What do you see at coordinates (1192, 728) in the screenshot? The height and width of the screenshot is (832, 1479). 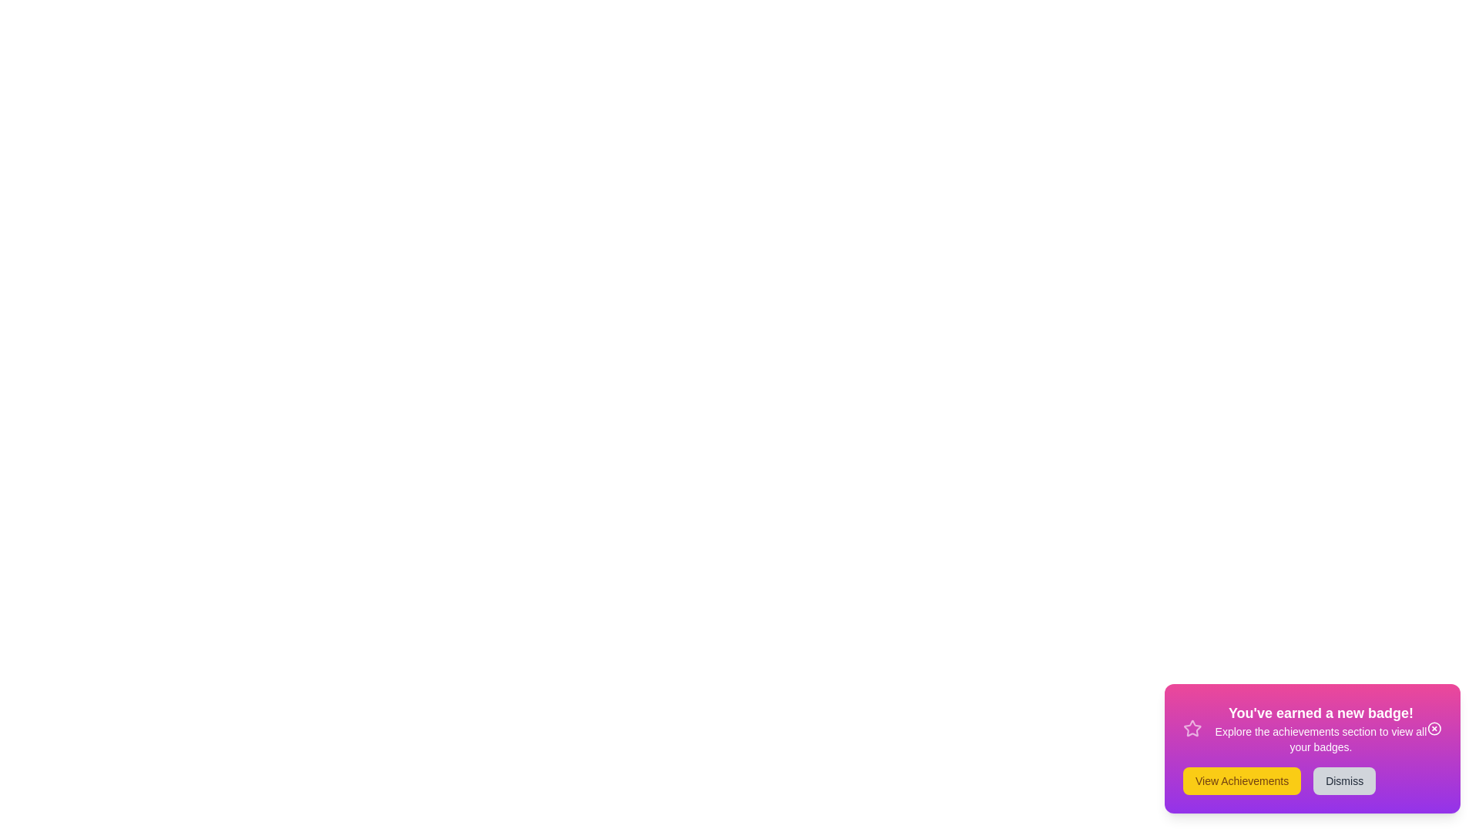 I see `the badge icon to inspect its visual feedback` at bounding box center [1192, 728].